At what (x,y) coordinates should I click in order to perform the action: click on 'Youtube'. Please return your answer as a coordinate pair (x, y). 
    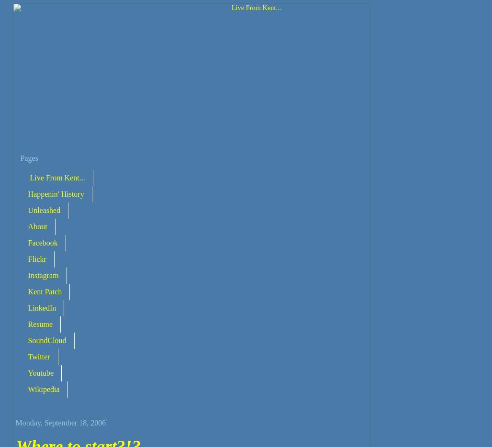
    Looking at the image, I should click on (27, 372).